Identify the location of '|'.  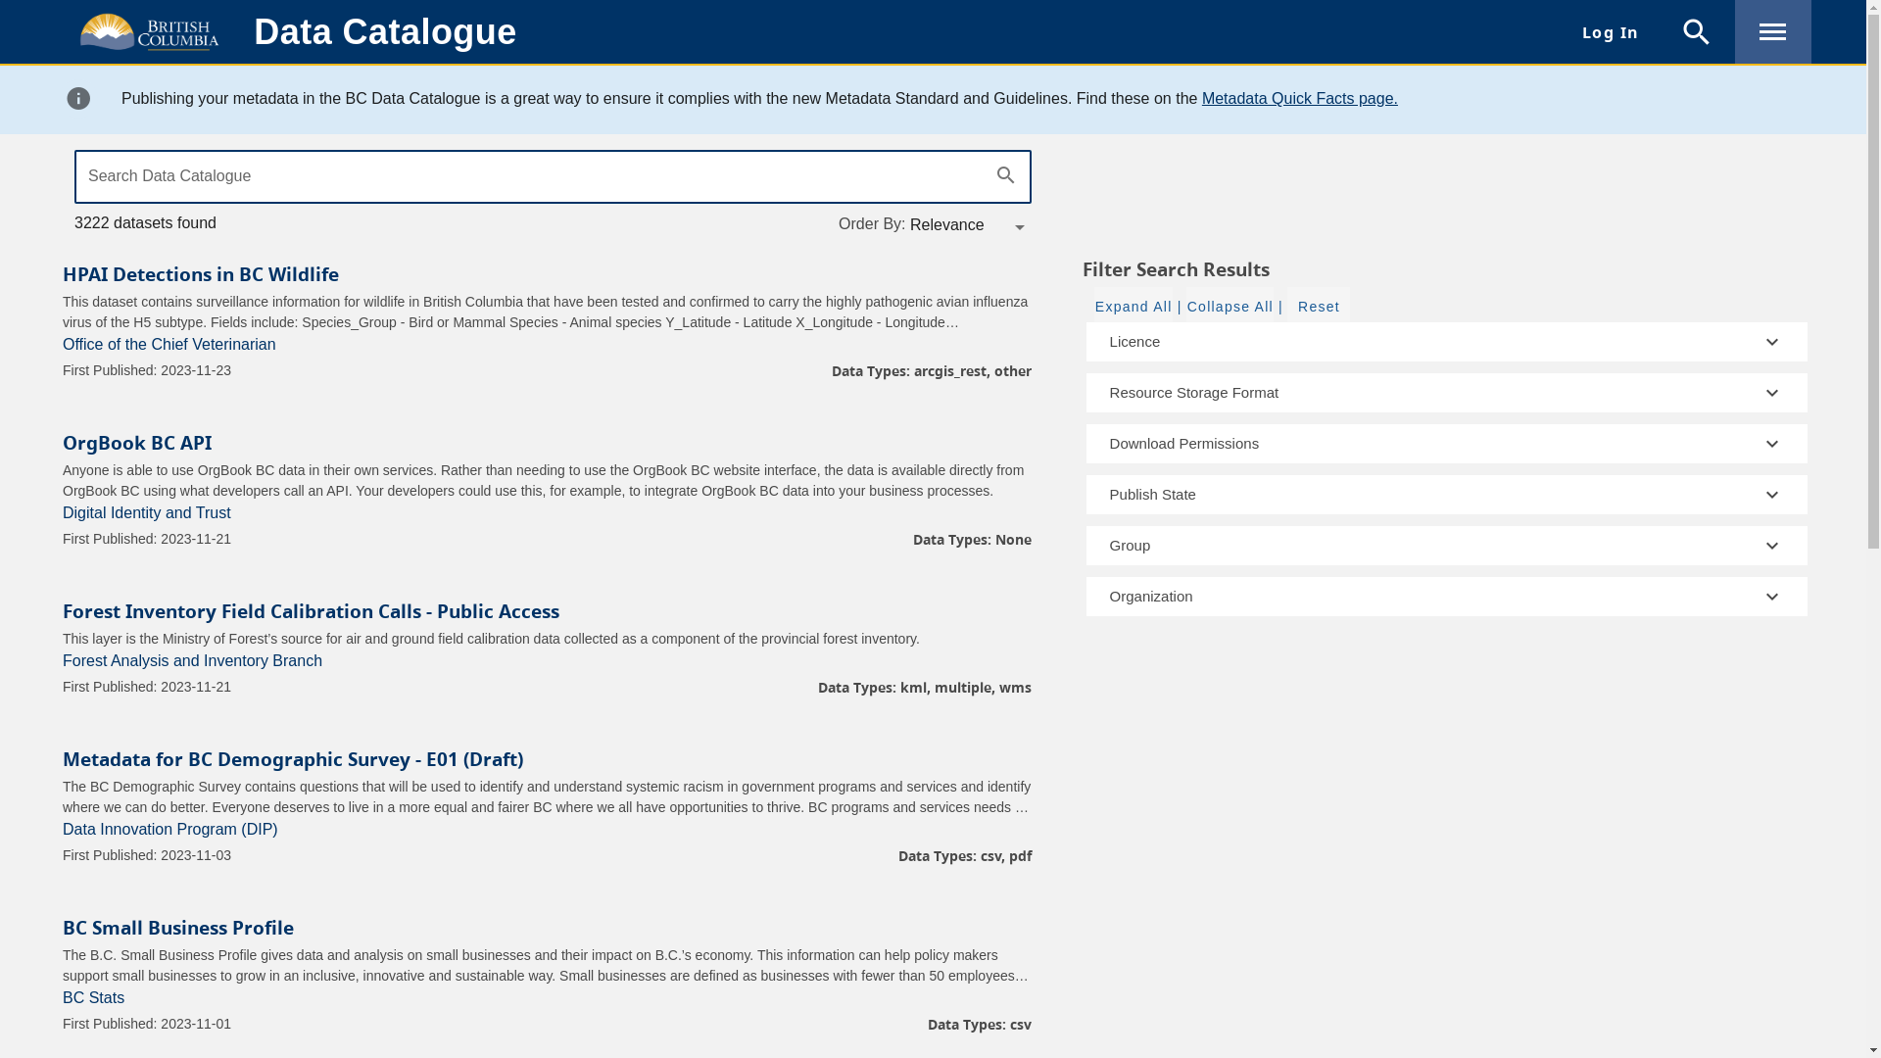
(1171, 306).